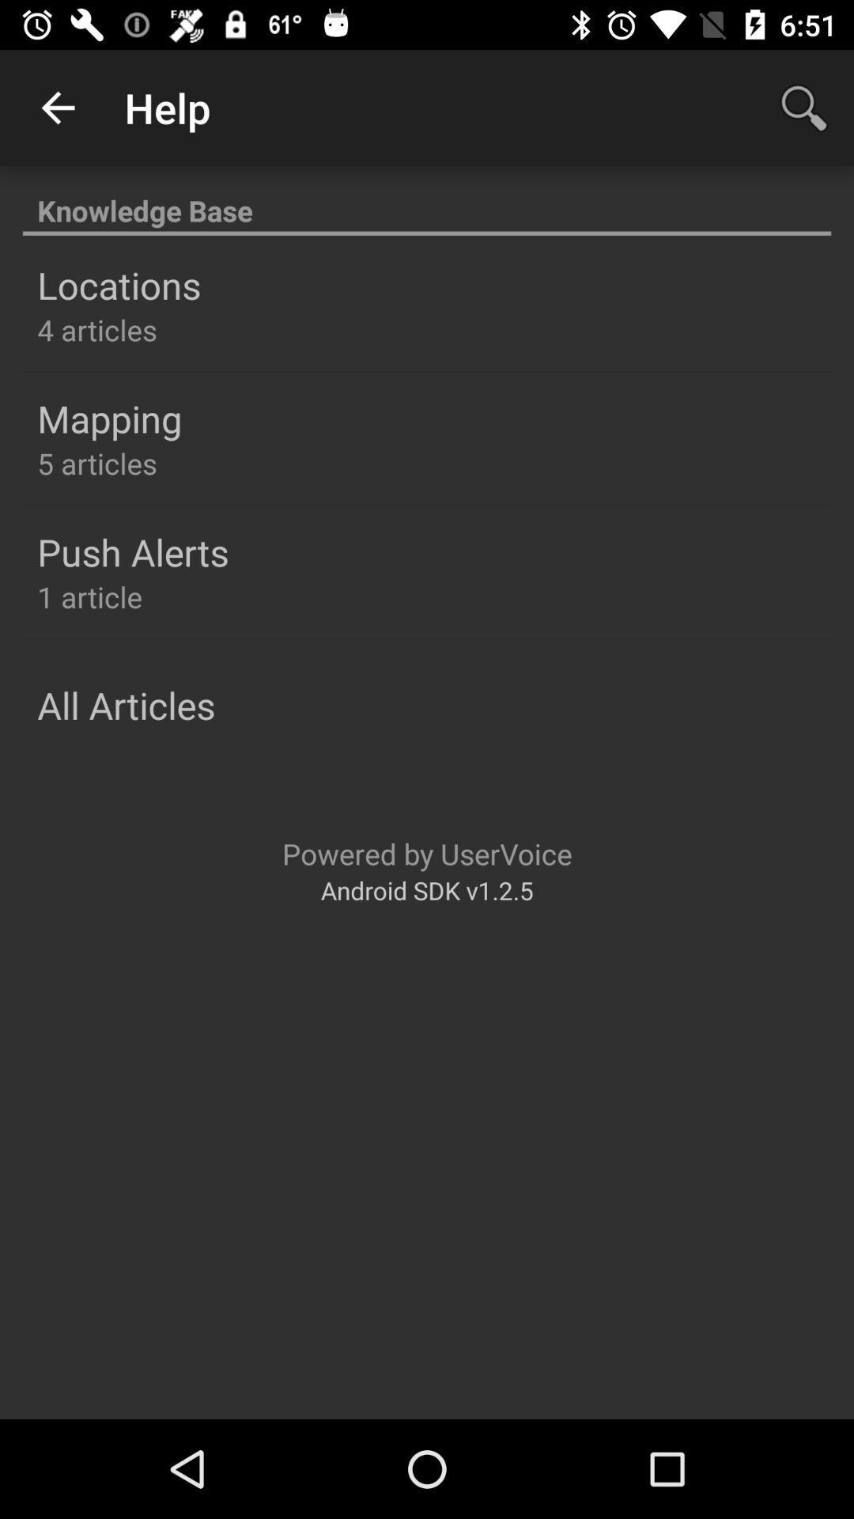  What do you see at coordinates (97, 329) in the screenshot?
I see `4 articles` at bounding box center [97, 329].